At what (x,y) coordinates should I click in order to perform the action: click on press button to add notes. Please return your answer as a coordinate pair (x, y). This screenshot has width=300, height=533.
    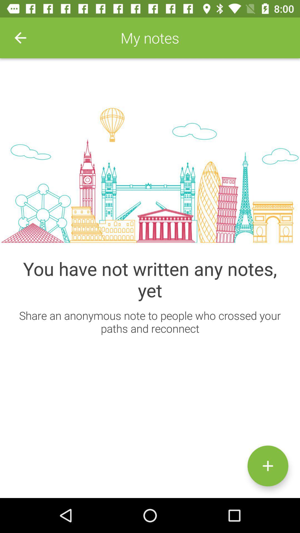
    Looking at the image, I should click on (267, 466).